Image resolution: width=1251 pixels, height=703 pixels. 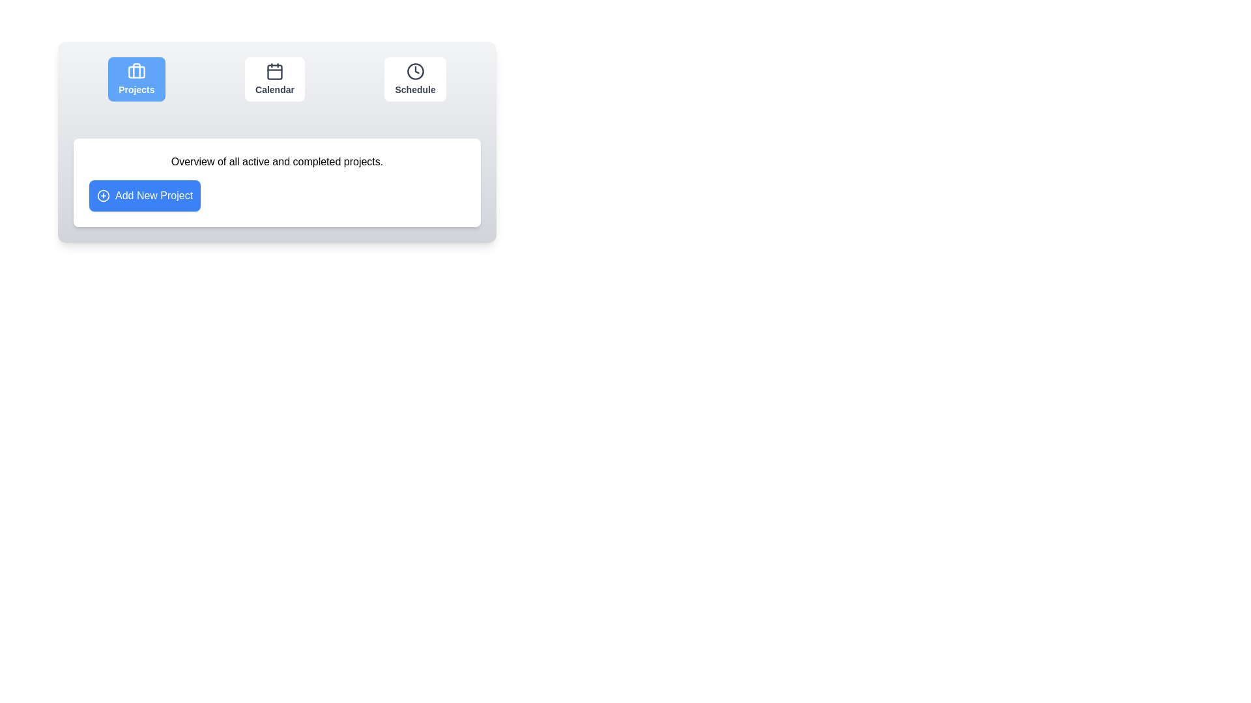 I want to click on the Projects button to observe visual feedback, so click(x=136, y=79).